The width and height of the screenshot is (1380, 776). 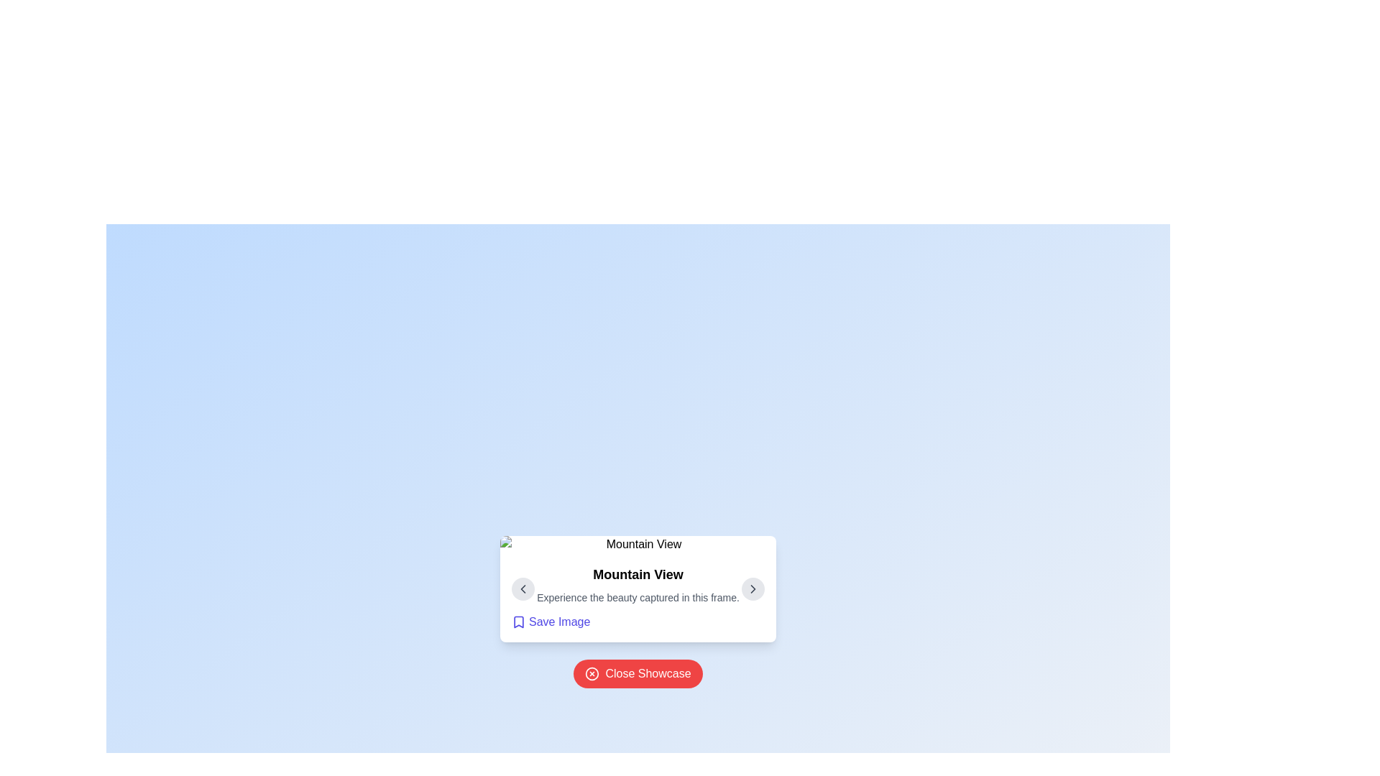 What do you see at coordinates (752, 589) in the screenshot?
I see `the right navigation button located next to the descriptive text 'Experience the beauty captured in this frame'` at bounding box center [752, 589].